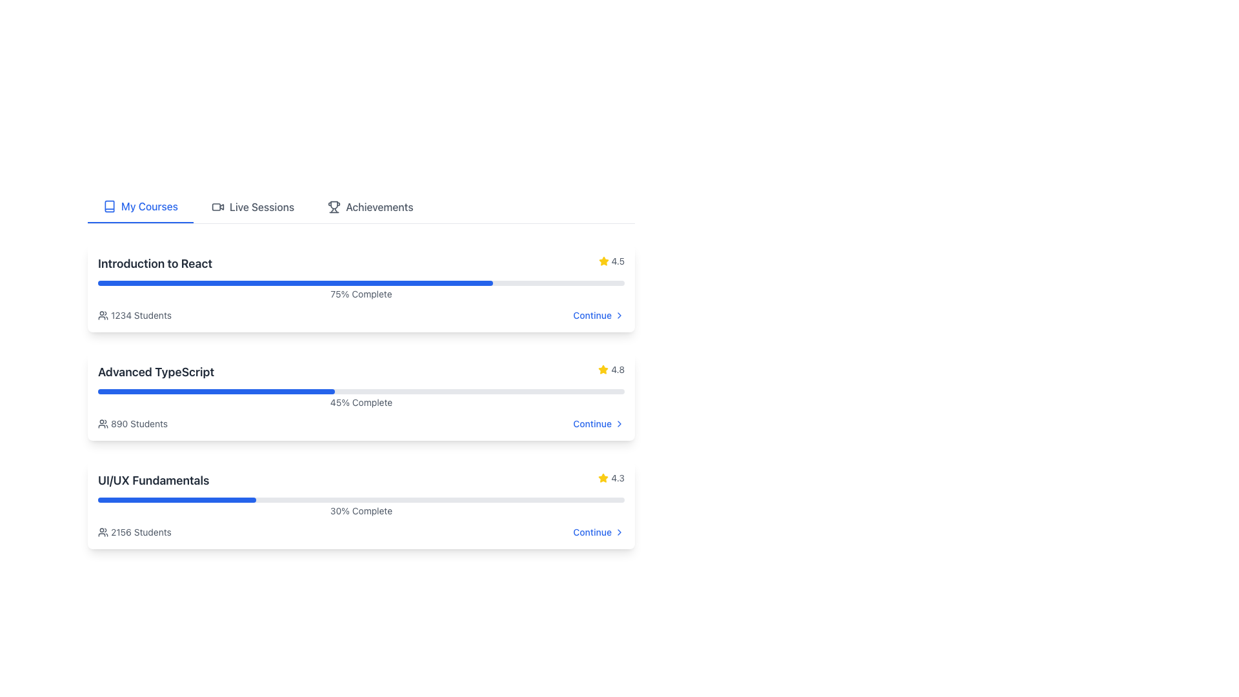  Describe the element at coordinates (294, 283) in the screenshot. I see `the blue progress-fill segment of the progress bar located in the first card titled 'Introduction to React', which indicates the completion percentage` at that location.